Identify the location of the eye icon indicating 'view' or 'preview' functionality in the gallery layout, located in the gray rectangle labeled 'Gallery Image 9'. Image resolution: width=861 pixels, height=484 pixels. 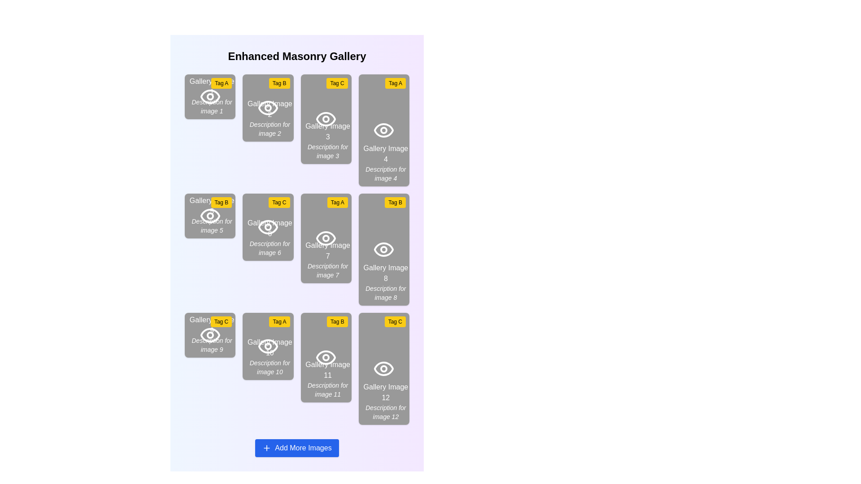
(209, 335).